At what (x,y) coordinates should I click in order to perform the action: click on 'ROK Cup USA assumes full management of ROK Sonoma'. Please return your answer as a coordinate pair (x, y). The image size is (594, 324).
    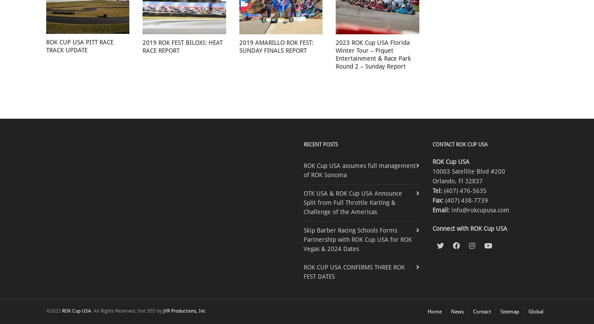
    Looking at the image, I should click on (359, 170).